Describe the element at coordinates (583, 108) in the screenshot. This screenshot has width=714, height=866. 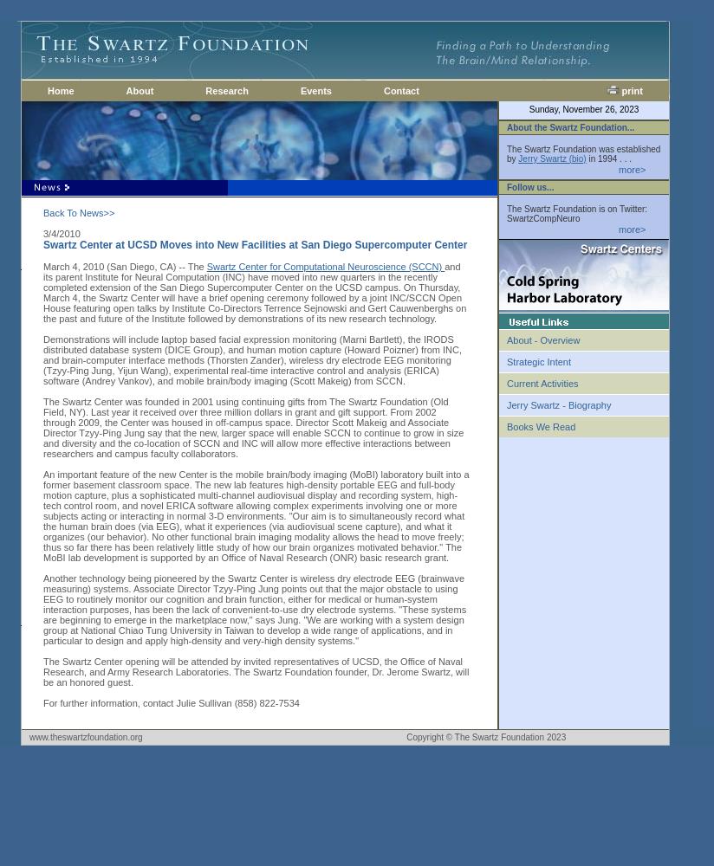
I see `'Sunday, November 26, 2023'` at that location.